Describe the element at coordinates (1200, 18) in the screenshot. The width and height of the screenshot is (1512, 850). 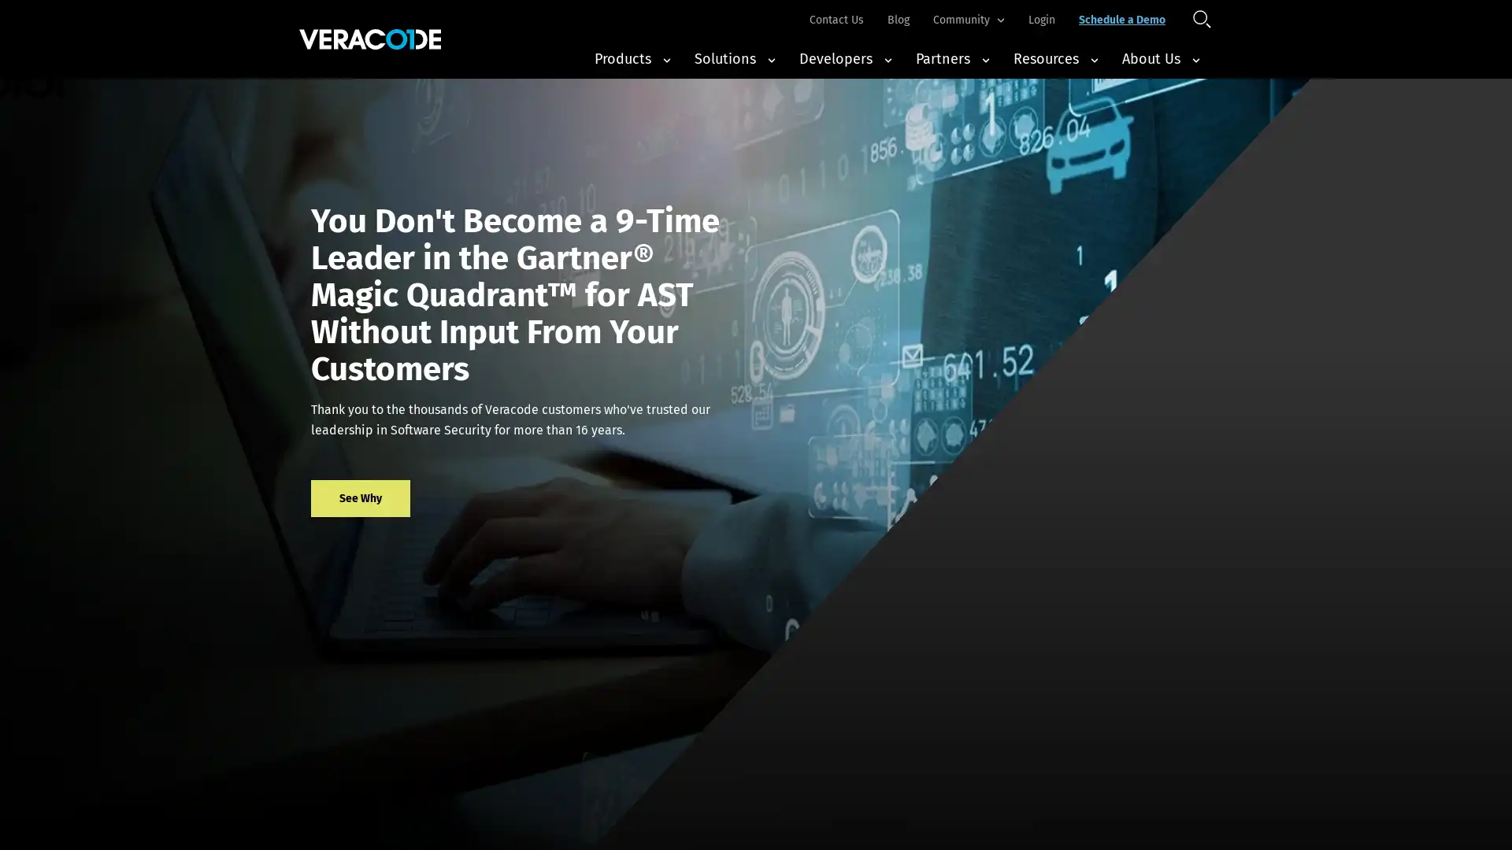
I see `Open Search` at that location.